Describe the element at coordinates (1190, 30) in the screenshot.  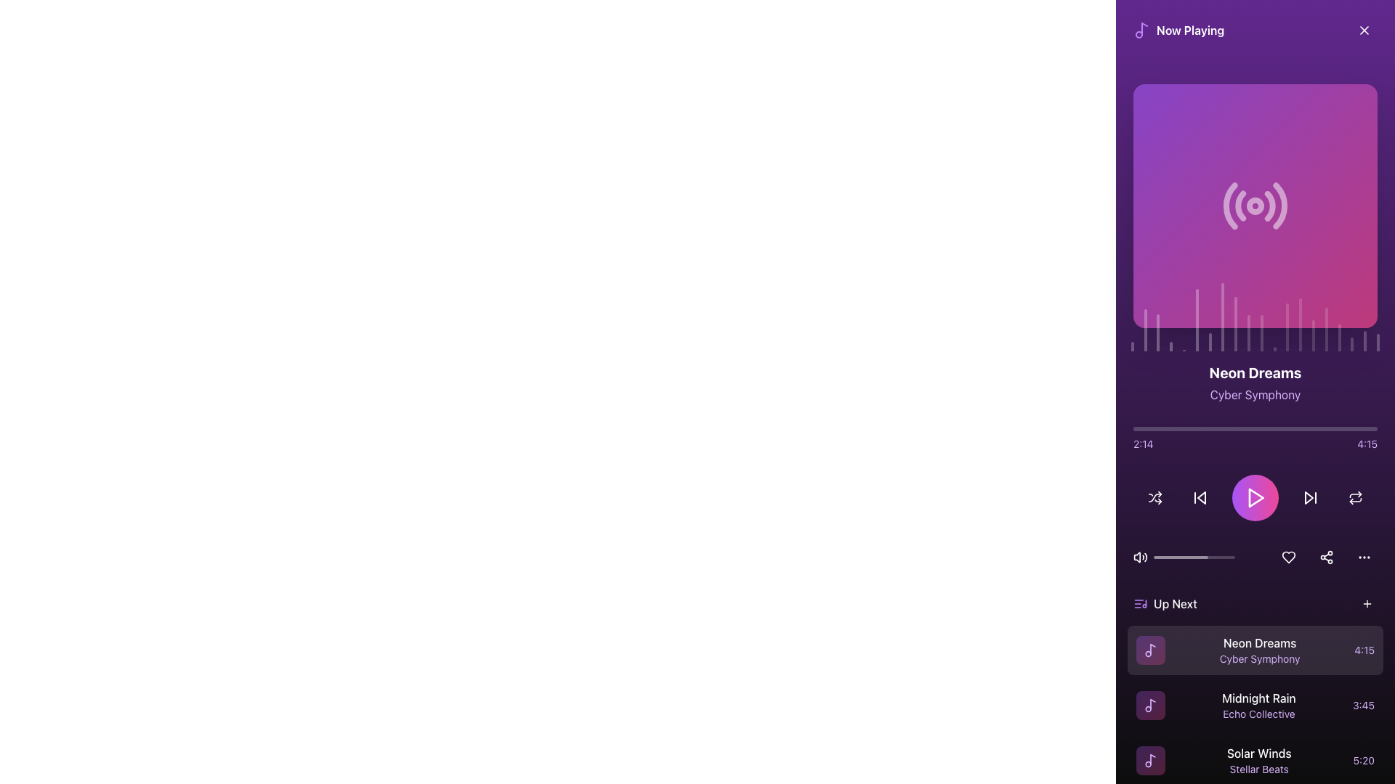
I see `the 'Now Playing' label, which serves as a title for the current media section and is located to the right of a musical note icon in the purple media panel` at that location.